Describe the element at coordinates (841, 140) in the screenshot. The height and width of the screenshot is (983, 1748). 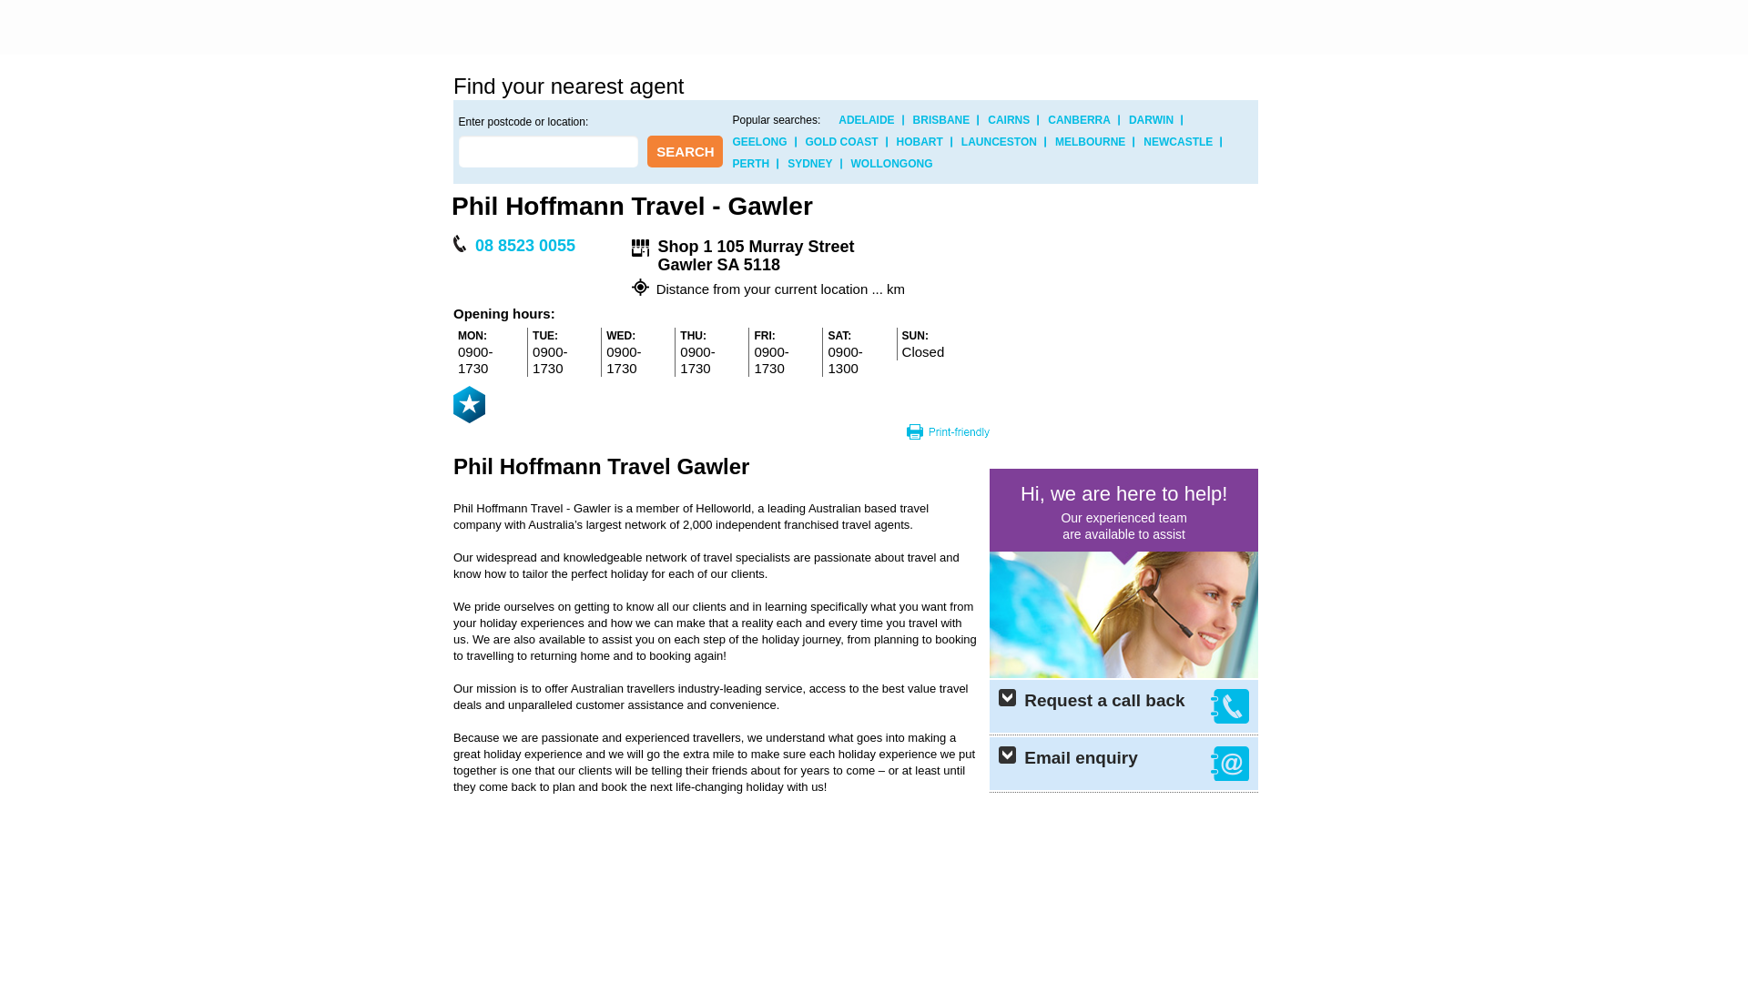
I see `'GOLD COAST'` at that location.